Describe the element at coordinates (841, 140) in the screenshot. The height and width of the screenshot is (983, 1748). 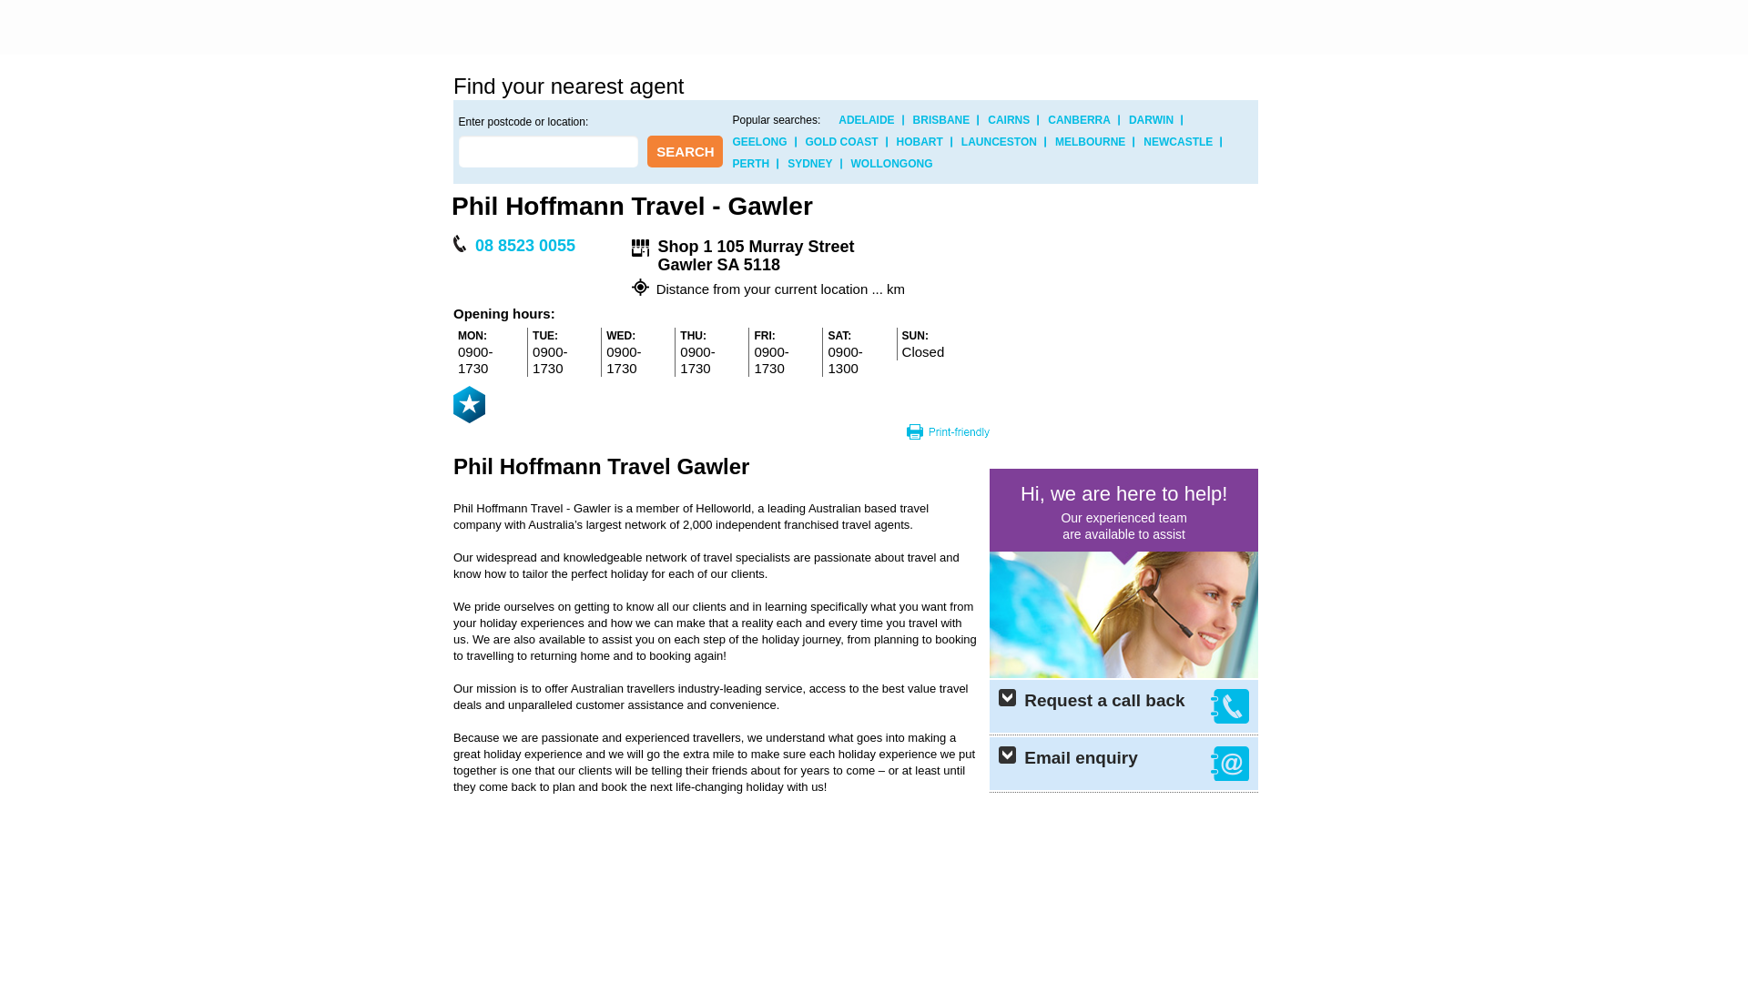
I see `'GOLD COAST'` at that location.